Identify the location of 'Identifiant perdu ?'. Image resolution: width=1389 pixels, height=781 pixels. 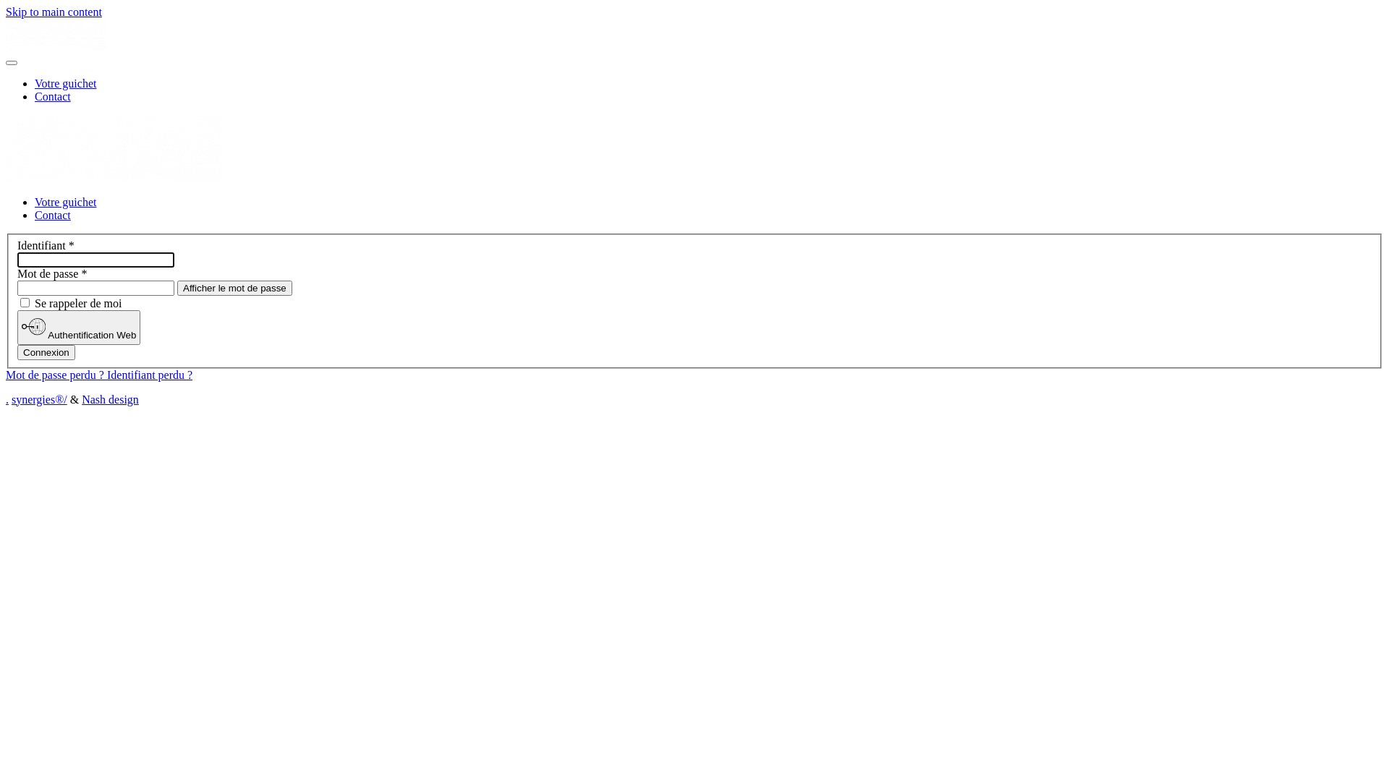
(149, 374).